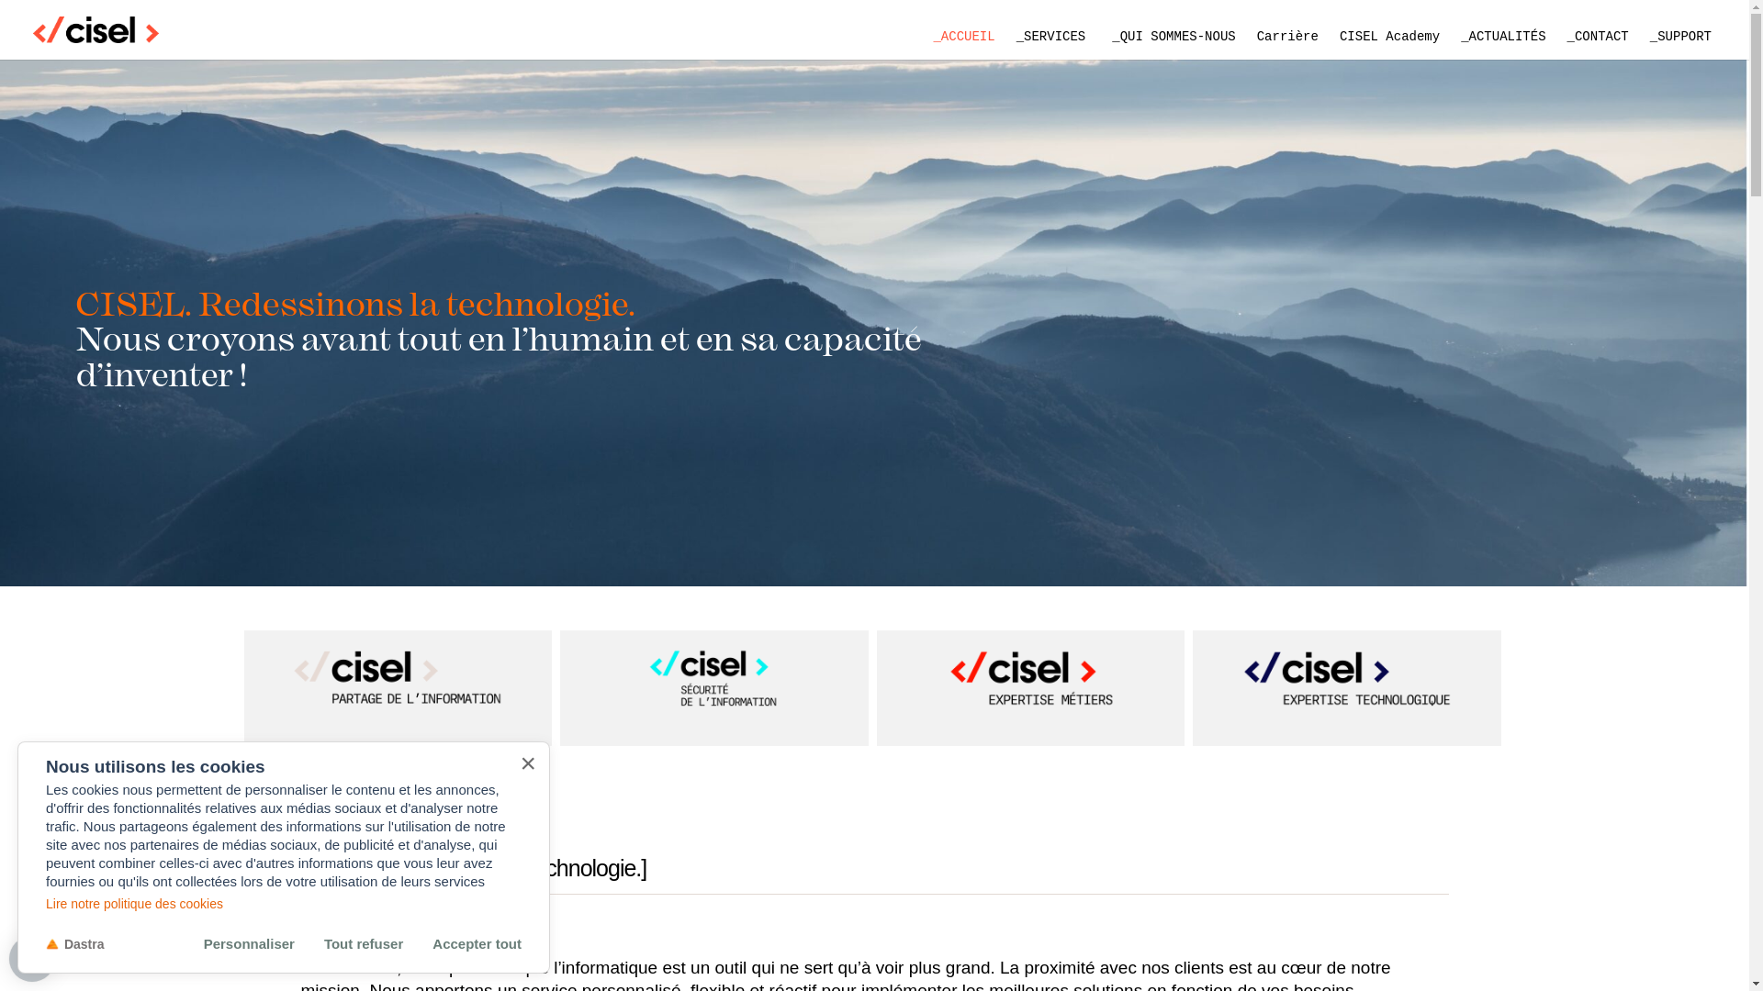 The image size is (1763, 991). I want to click on 'Personnaliser', so click(248, 942).